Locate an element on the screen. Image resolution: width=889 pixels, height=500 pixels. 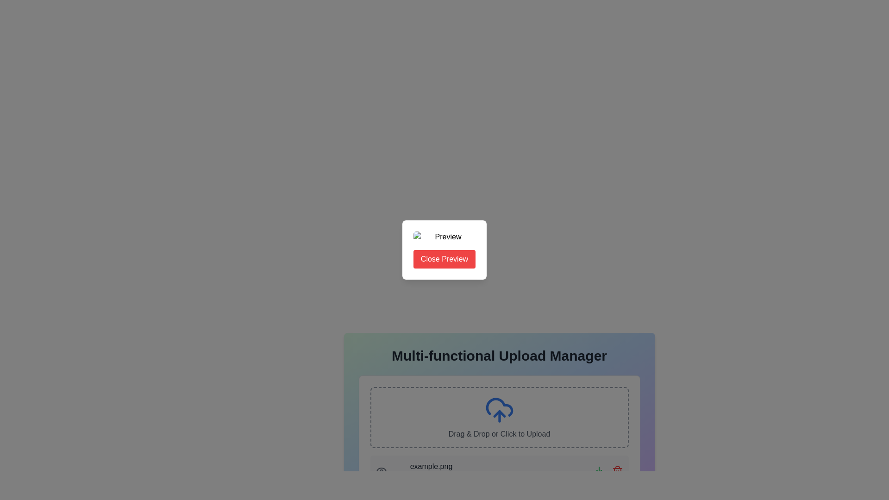
the File upload area, which is styled with a dashed border and contains an upload icon above the text 'Drag & Drop or Click to Upload', located in the 'Multi-functional Upload Manager' section is located at coordinates (499, 437).